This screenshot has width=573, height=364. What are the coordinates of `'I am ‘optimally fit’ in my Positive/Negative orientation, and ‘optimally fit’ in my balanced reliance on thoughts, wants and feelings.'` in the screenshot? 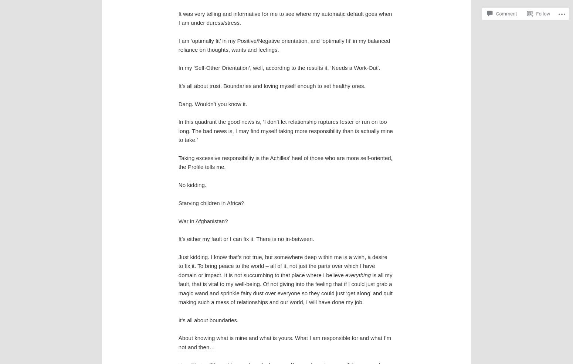 It's located at (284, 45).